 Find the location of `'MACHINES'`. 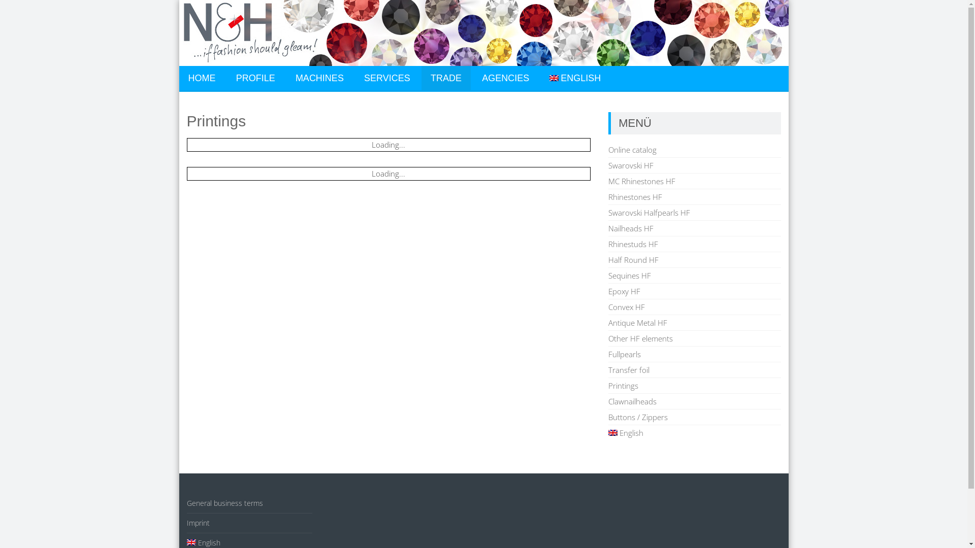

'MACHINES' is located at coordinates (319, 78).